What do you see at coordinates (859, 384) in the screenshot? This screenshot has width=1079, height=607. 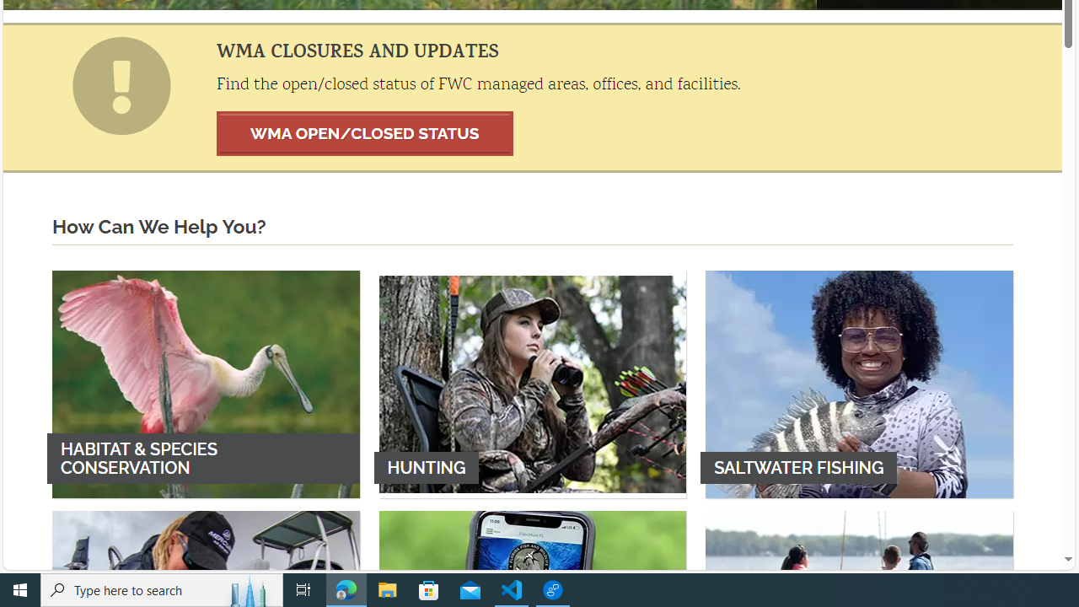 I see `'SALTWATER FISHING'` at bounding box center [859, 384].